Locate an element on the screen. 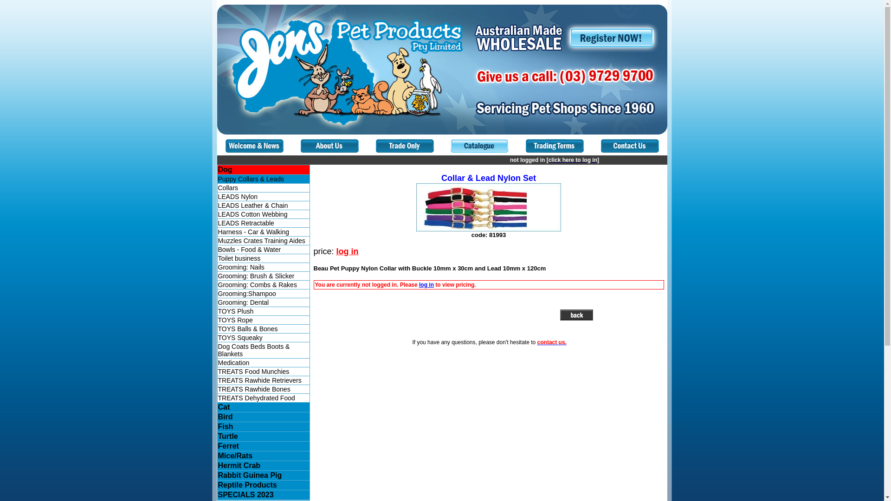  'Muzzles Crates Training Aides' is located at coordinates (261, 240).